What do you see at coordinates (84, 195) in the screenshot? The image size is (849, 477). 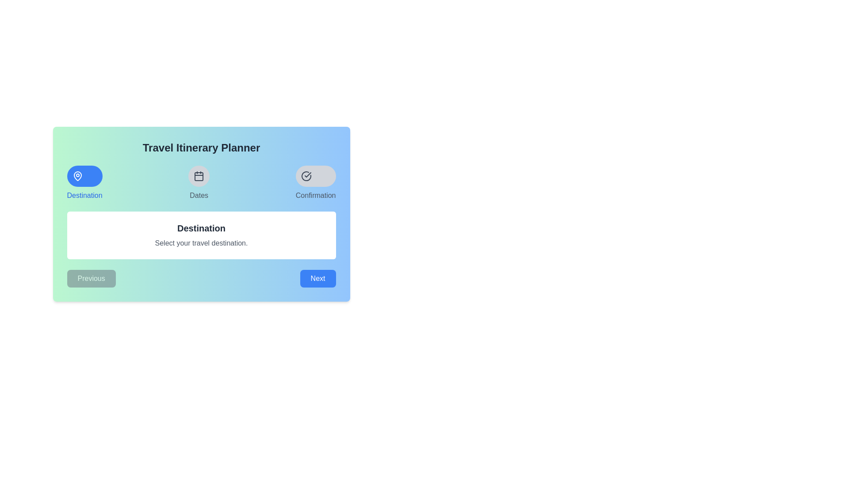 I see `the text label displaying 'Destination' in blue font, which is positioned below a blue circular map pin icon` at bounding box center [84, 195].